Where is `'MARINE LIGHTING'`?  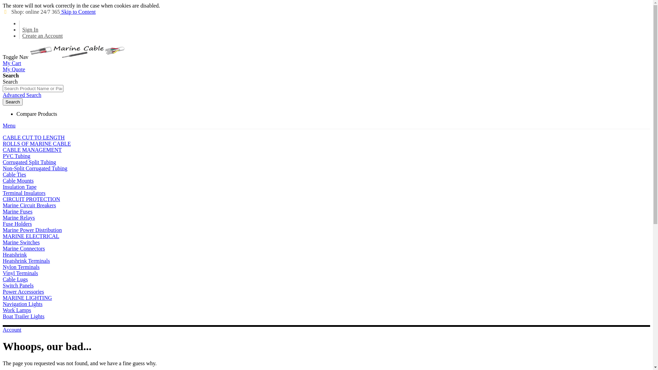 'MARINE LIGHTING' is located at coordinates (27, 297).